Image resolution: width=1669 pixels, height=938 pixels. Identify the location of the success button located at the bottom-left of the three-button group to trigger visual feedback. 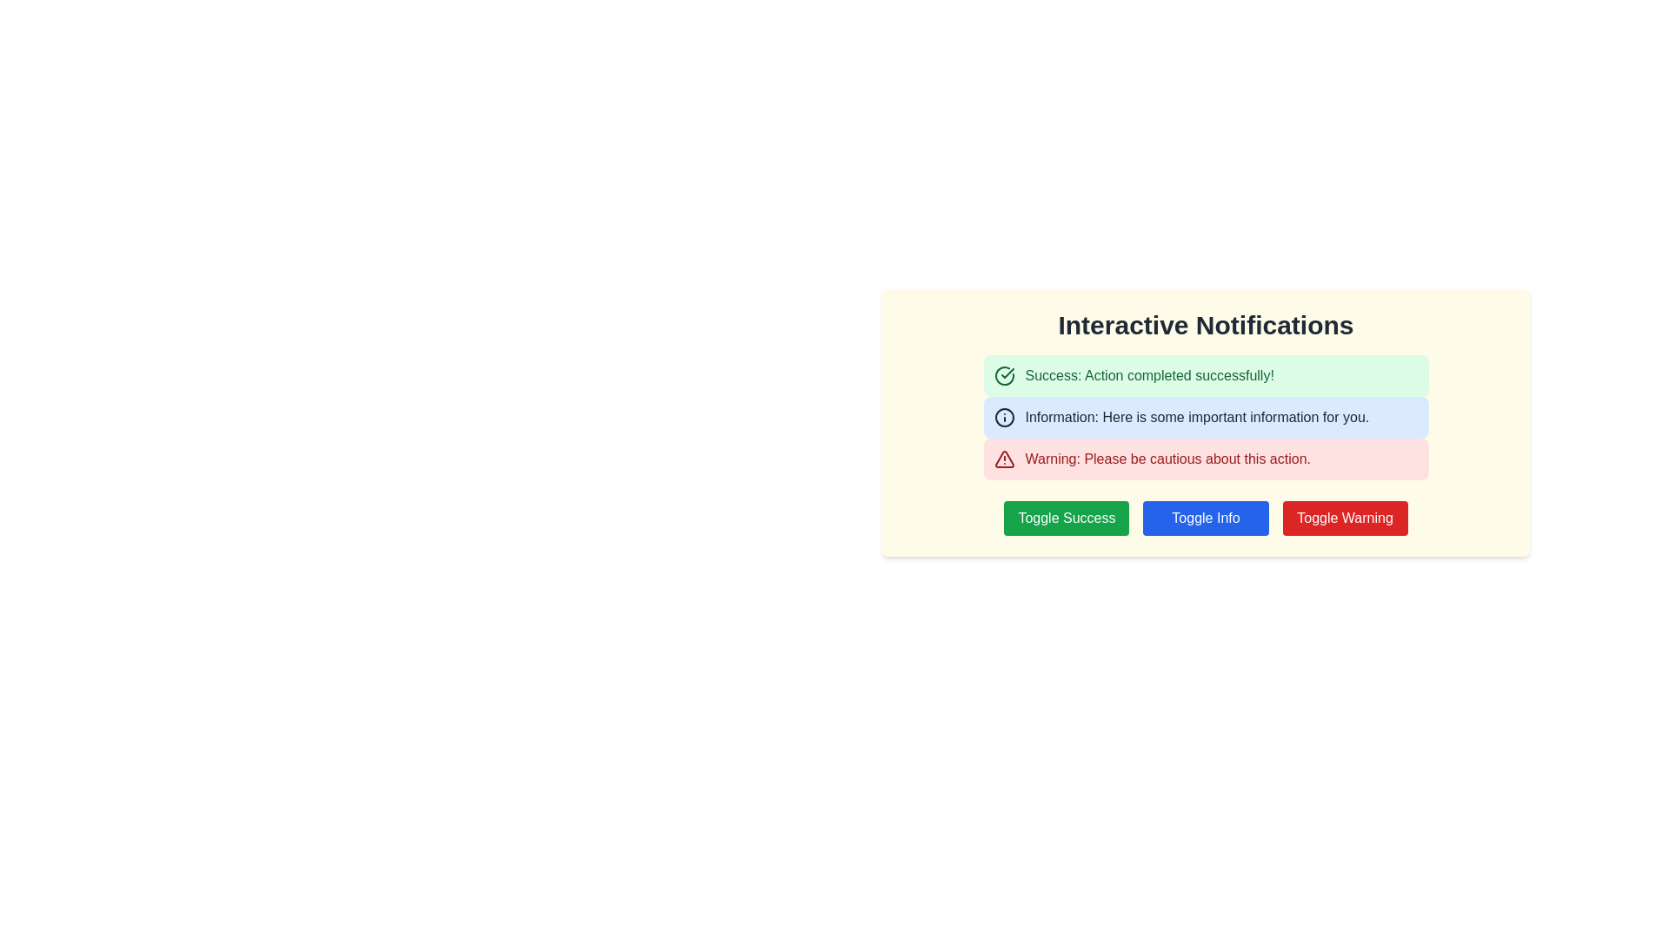
(1066, 518).